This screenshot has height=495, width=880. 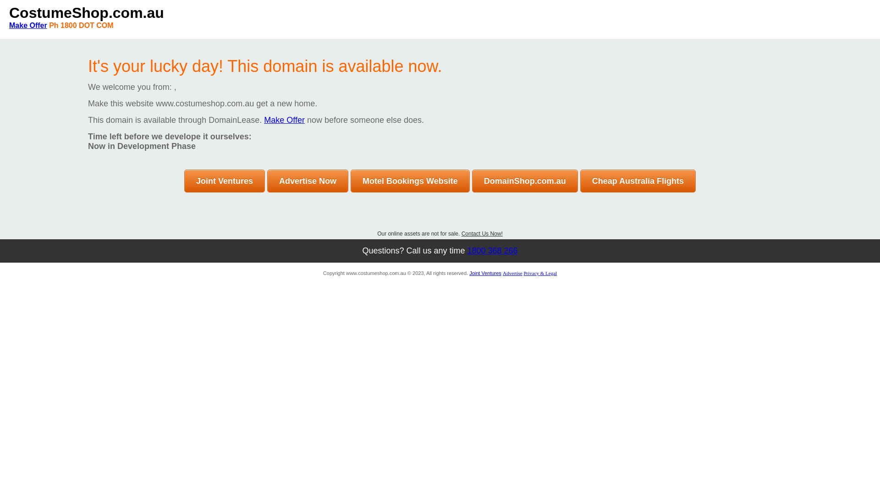 What do you see at coordinates (481, 233) in the screenshot?
I see `'Contact Us Now!'` at bounding box center [481, 233].